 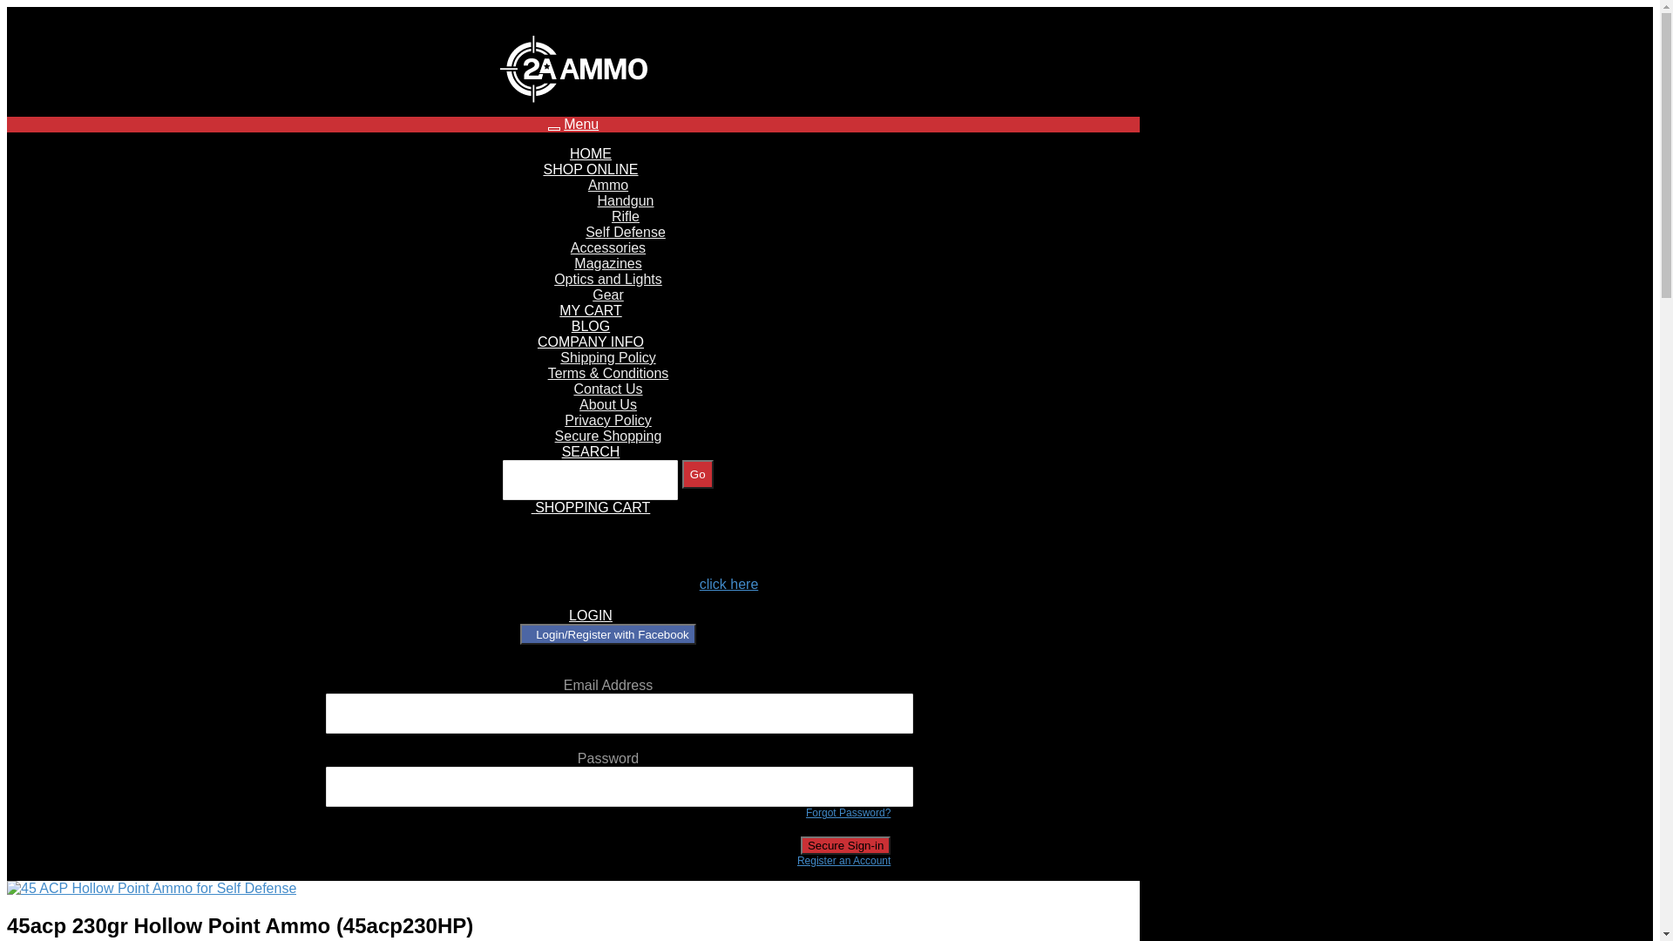 What do you see at coordinates (590, 169) in the screenshot?
I see `'SHOP ONLINE'` at bounding box center [590, 169].